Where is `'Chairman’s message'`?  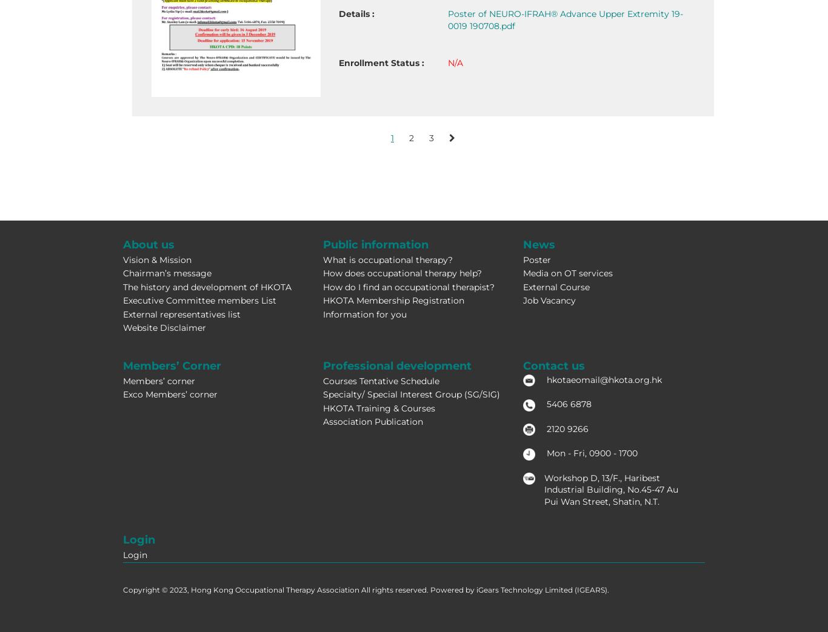 'Chairman’s message' is located at coordinates (167, 272).